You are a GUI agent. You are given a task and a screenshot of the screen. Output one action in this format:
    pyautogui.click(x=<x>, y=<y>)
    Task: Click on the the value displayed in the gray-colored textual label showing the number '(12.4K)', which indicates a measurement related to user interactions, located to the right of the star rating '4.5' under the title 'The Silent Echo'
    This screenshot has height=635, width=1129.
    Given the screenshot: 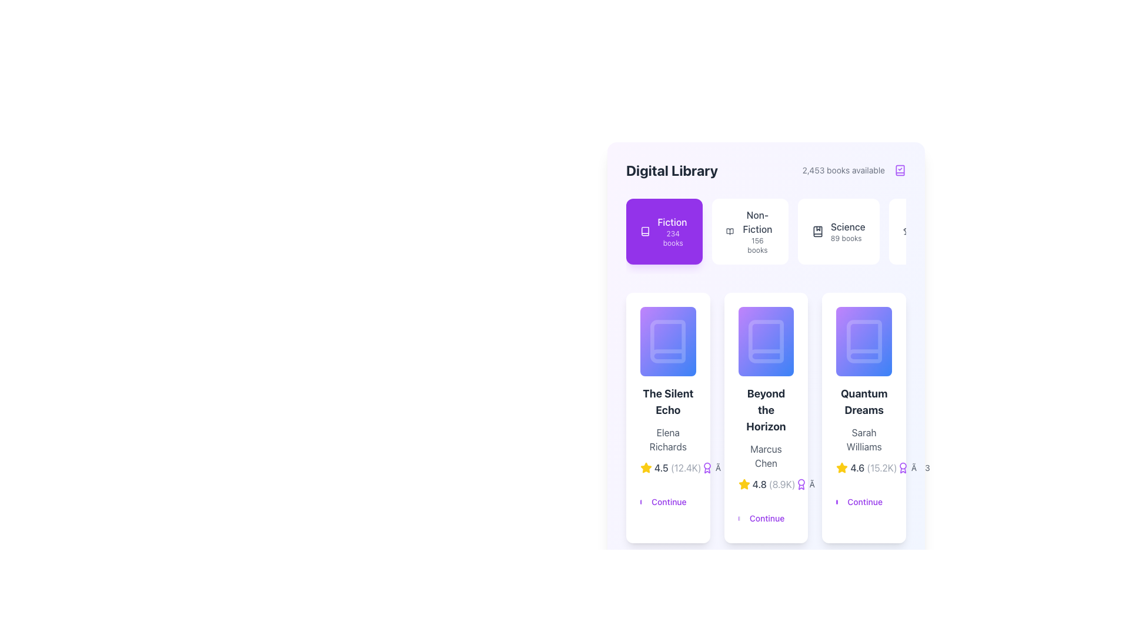 What is the action you would take?
    pyautogui.click(x=686, y=467)
    